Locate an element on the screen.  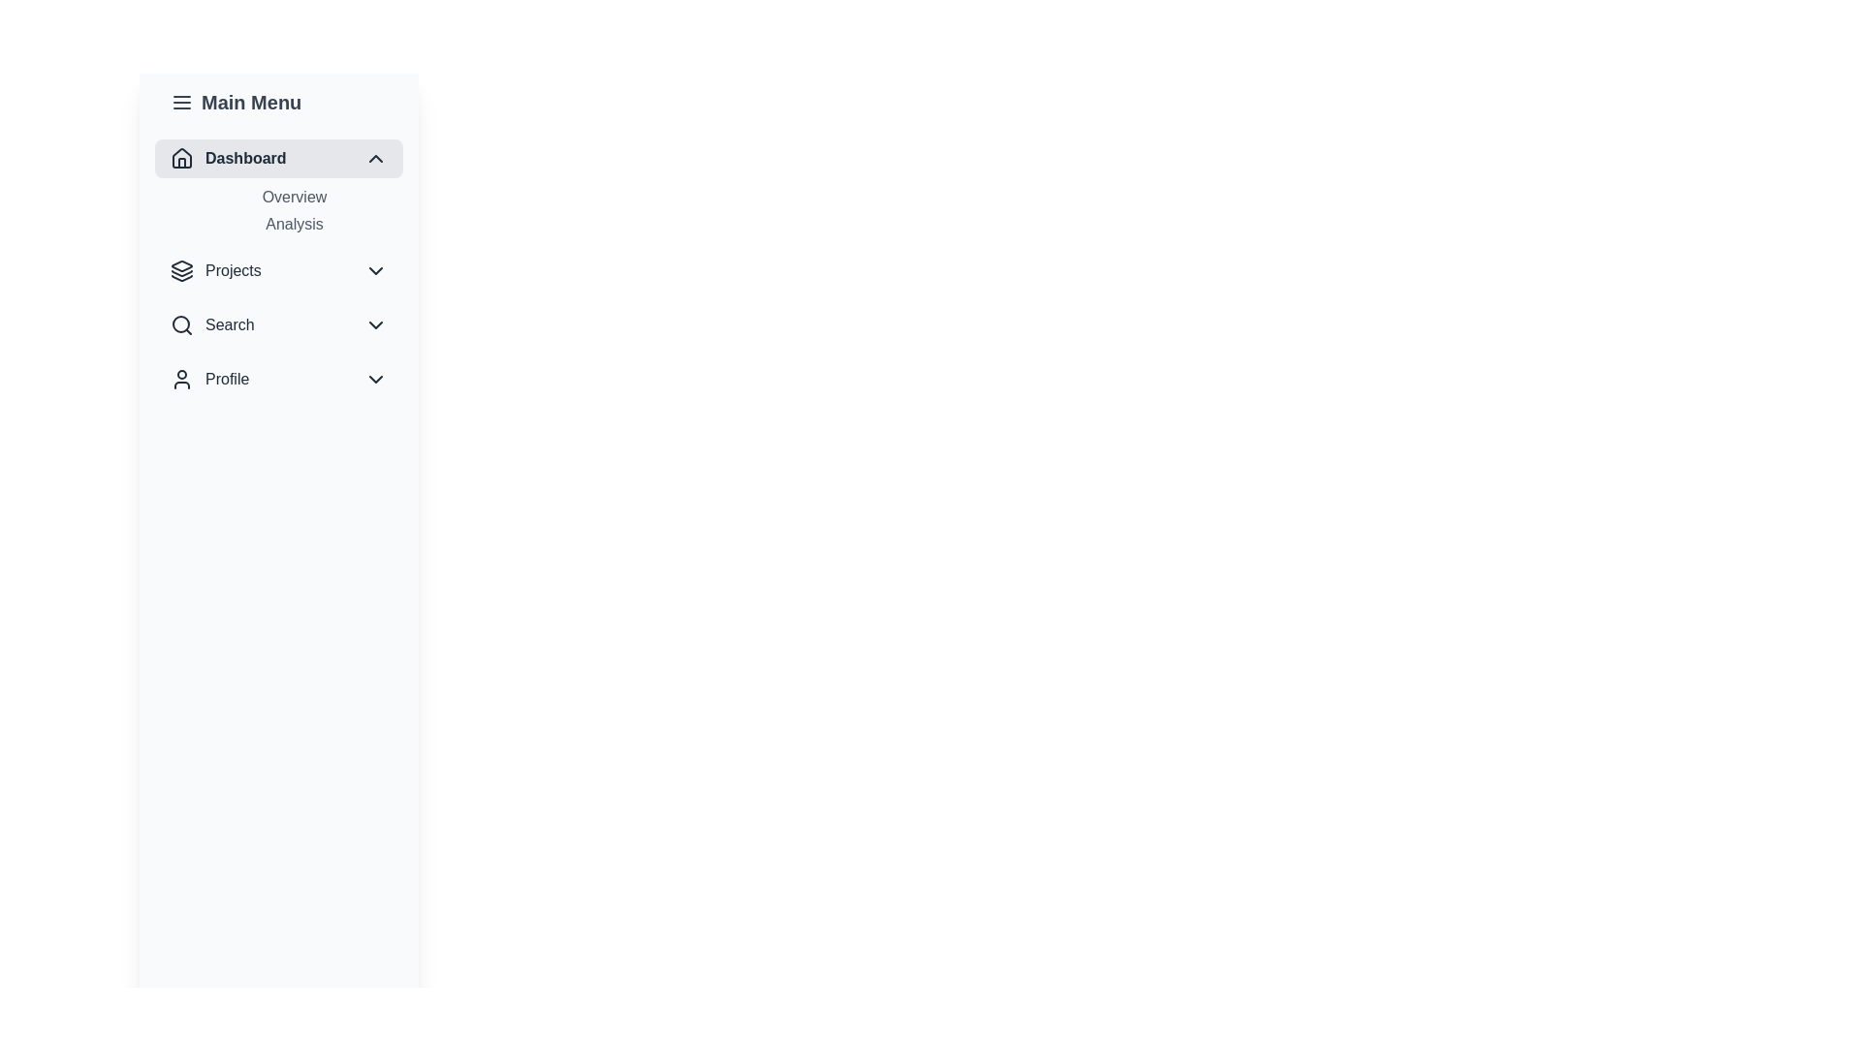
the chevron-down icon located to the far right of the 'Search' menu item is located at coordinates (376, 323).